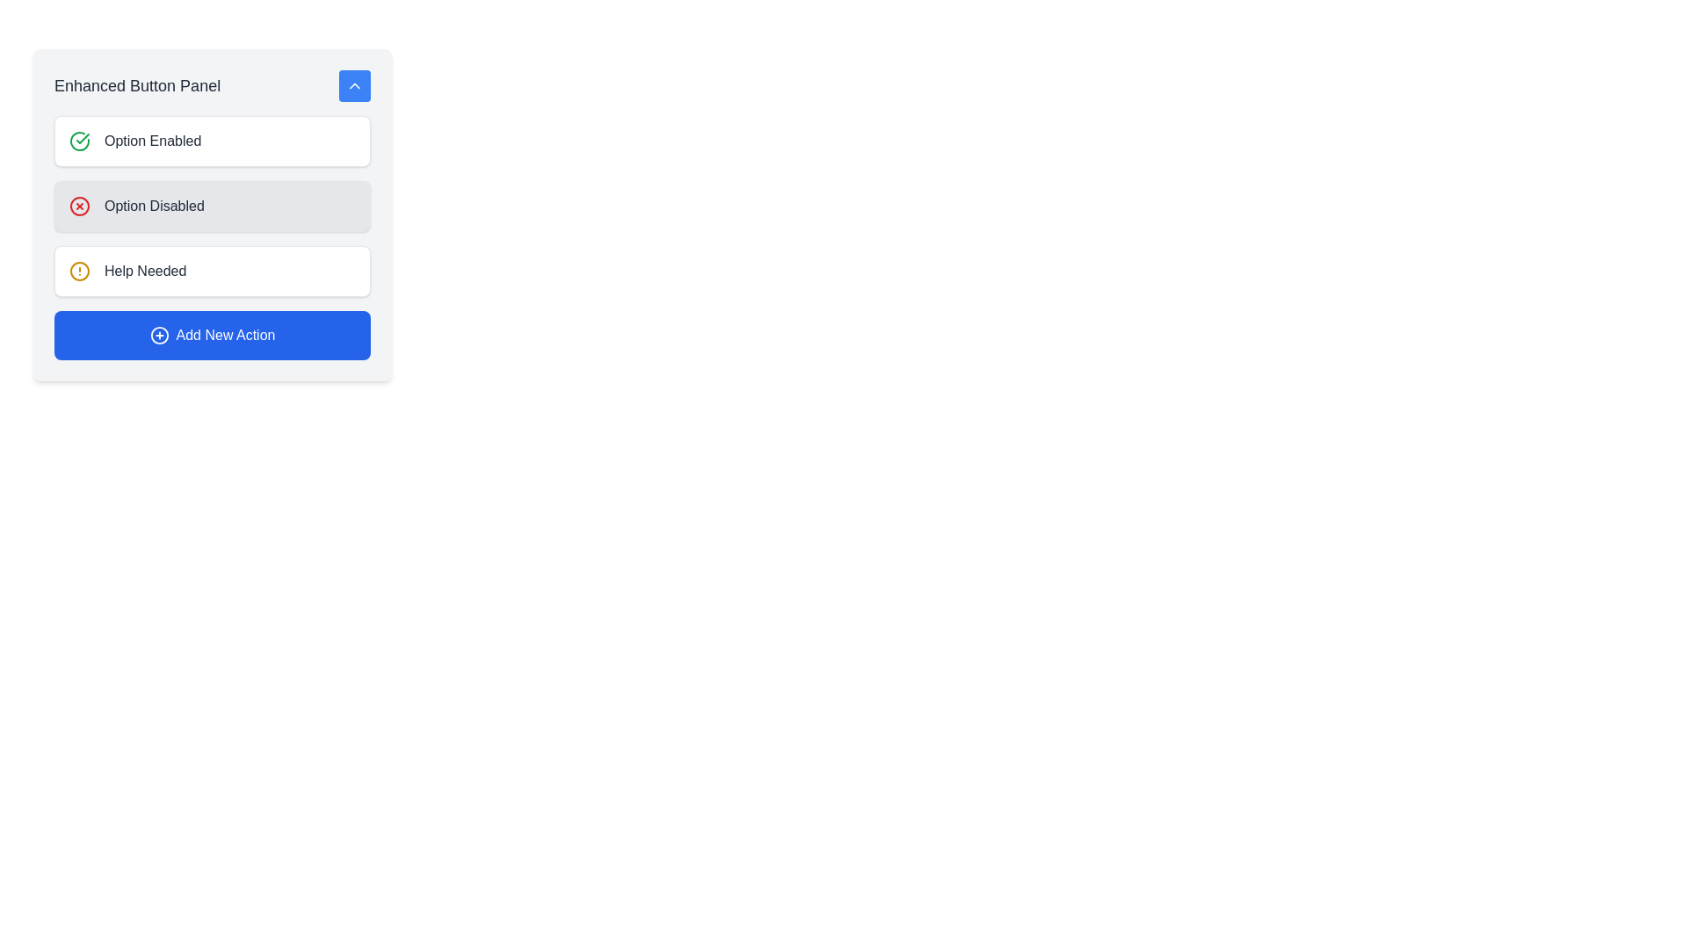  What do you see at coordinates (224, 335) in the screenshot?
I see `text content of the text label that indicates the button for adding a new action, located at the bottom of the vertical panel` at bounding box center [224, 335].